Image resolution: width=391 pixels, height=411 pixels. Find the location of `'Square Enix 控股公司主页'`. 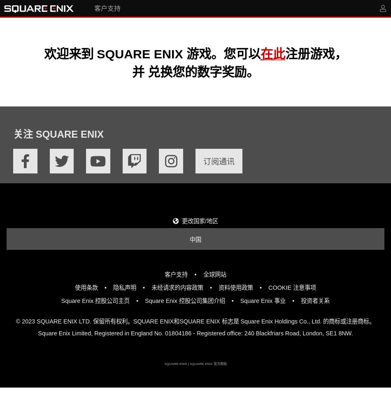

'Square Enix 控股公司主页' is located at coordinates (95, 300).